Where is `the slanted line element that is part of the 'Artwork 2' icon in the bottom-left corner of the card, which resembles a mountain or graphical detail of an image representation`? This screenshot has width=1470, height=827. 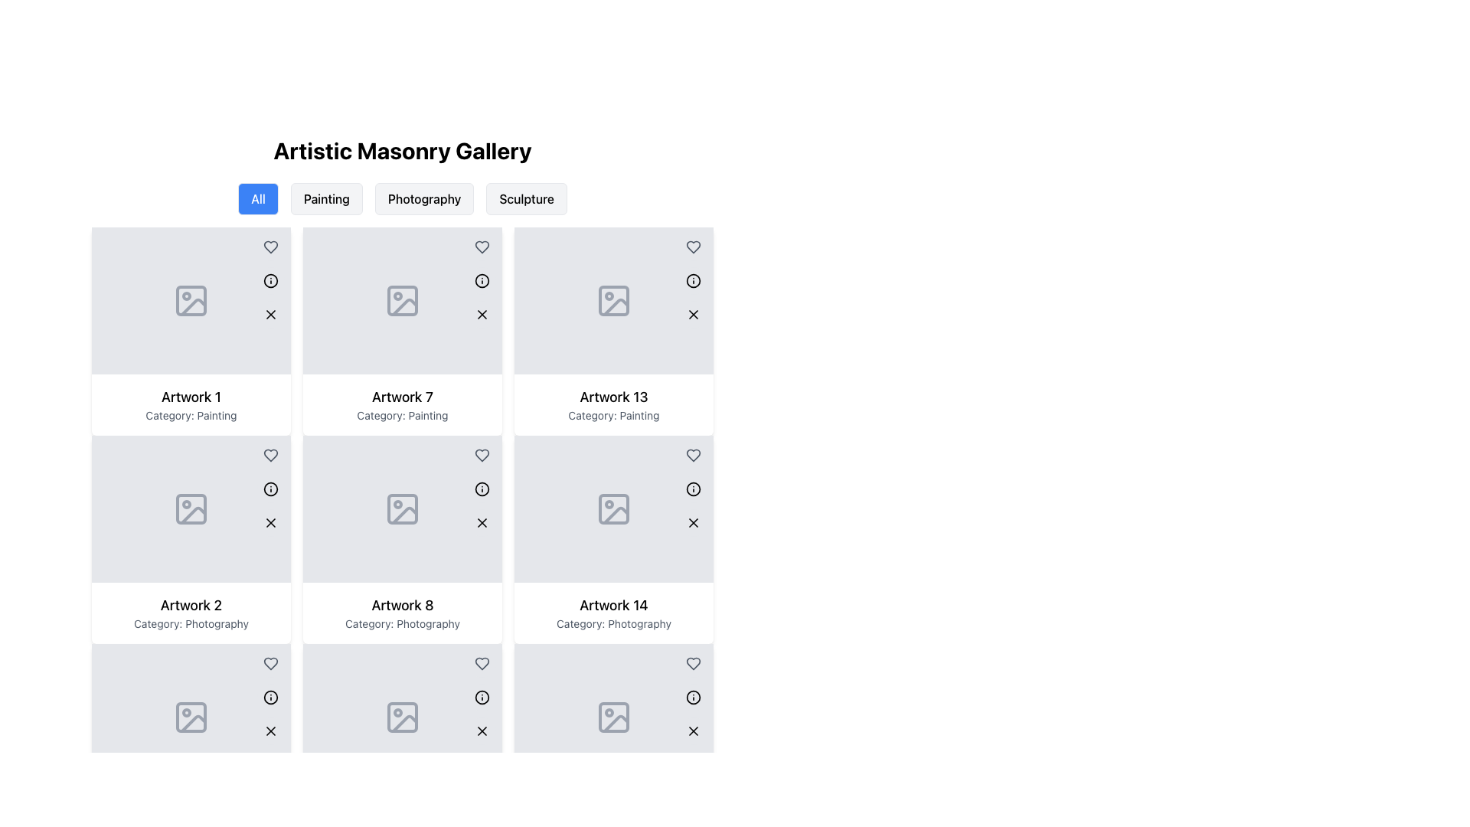 the slanted line element that is part of the 'Artwork 2' icon in the bottom-left corner of the card, which resembles a mountain or graphical detail of an image representation is located at coordinates (193, 724).